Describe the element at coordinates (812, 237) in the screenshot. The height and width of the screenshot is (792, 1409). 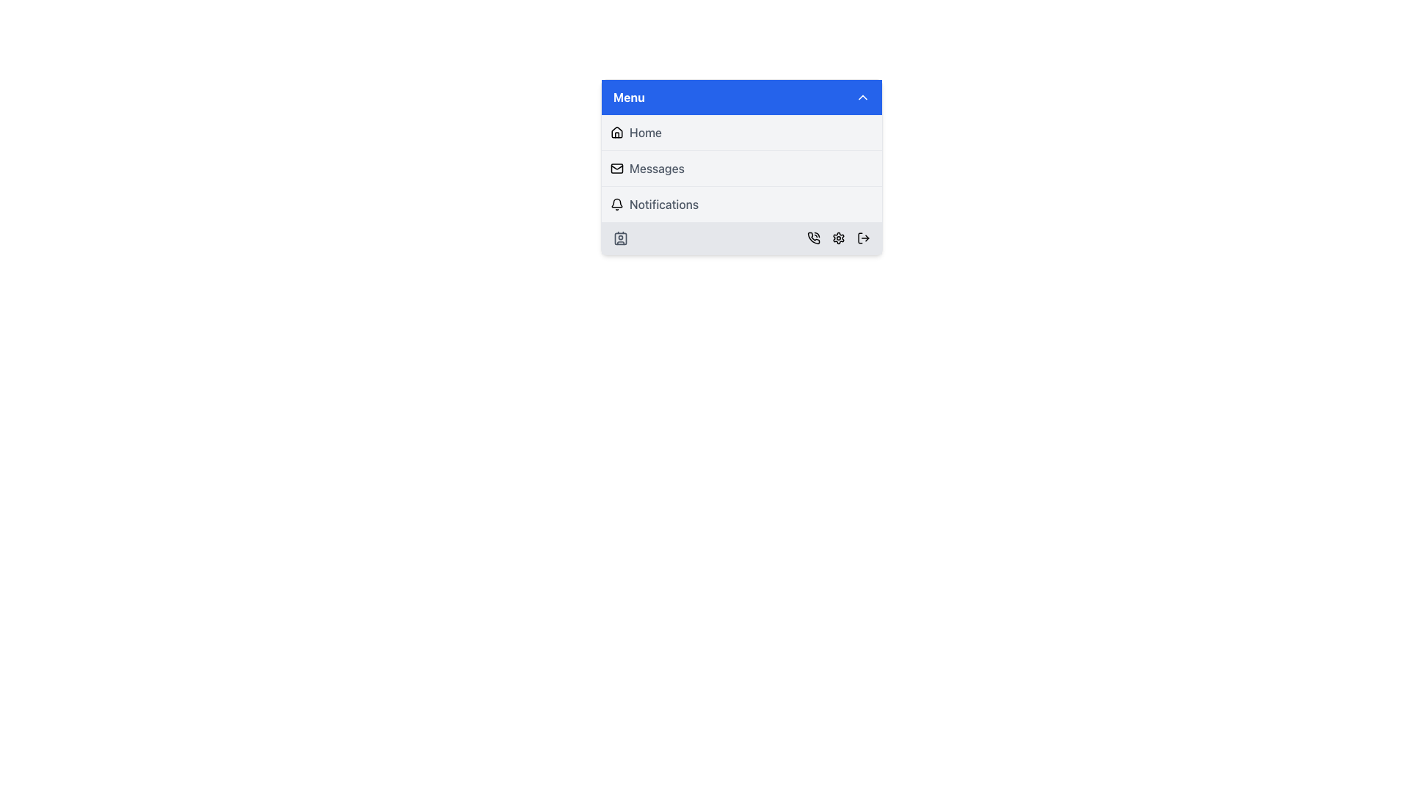
I see `the phone receiver icon, which is the first icon in a horizontal set of three icons at the bottom of the menu panel, indicating call functionality` at that location.